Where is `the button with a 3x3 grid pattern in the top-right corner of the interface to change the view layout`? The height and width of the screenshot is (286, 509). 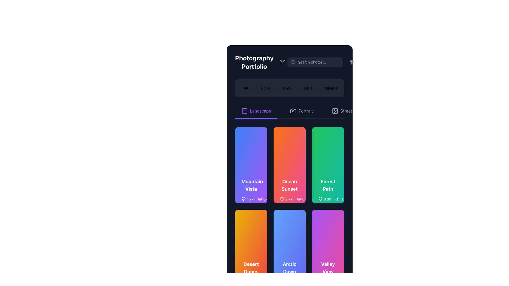
the button with a 3x3 grid pattern in the top-right corner of the interface to change the view layout is located at coordinates (352, 62).